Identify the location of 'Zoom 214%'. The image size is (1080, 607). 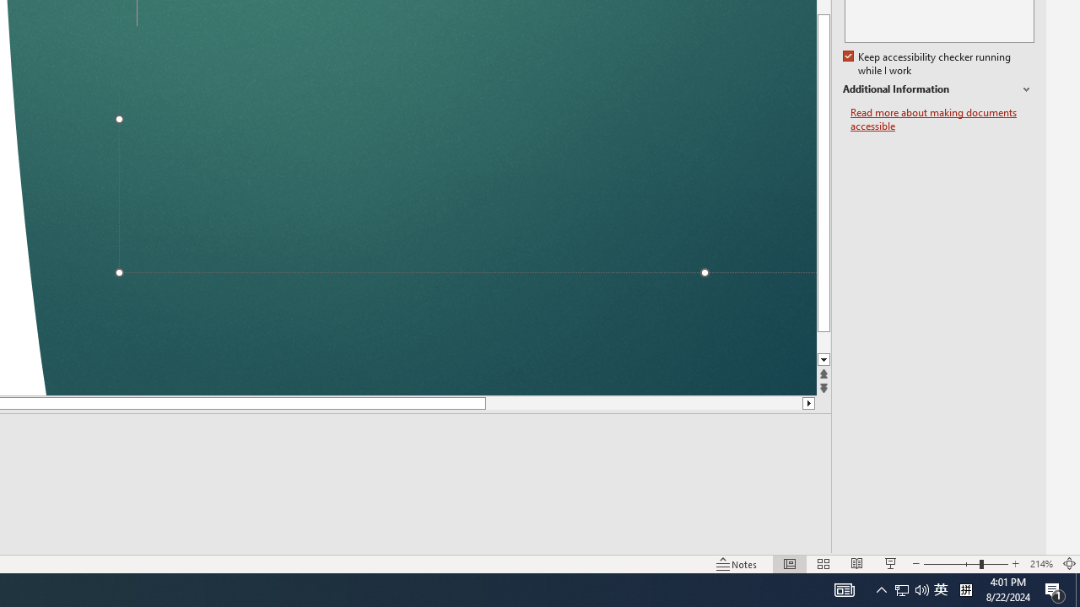
(1040, 564).